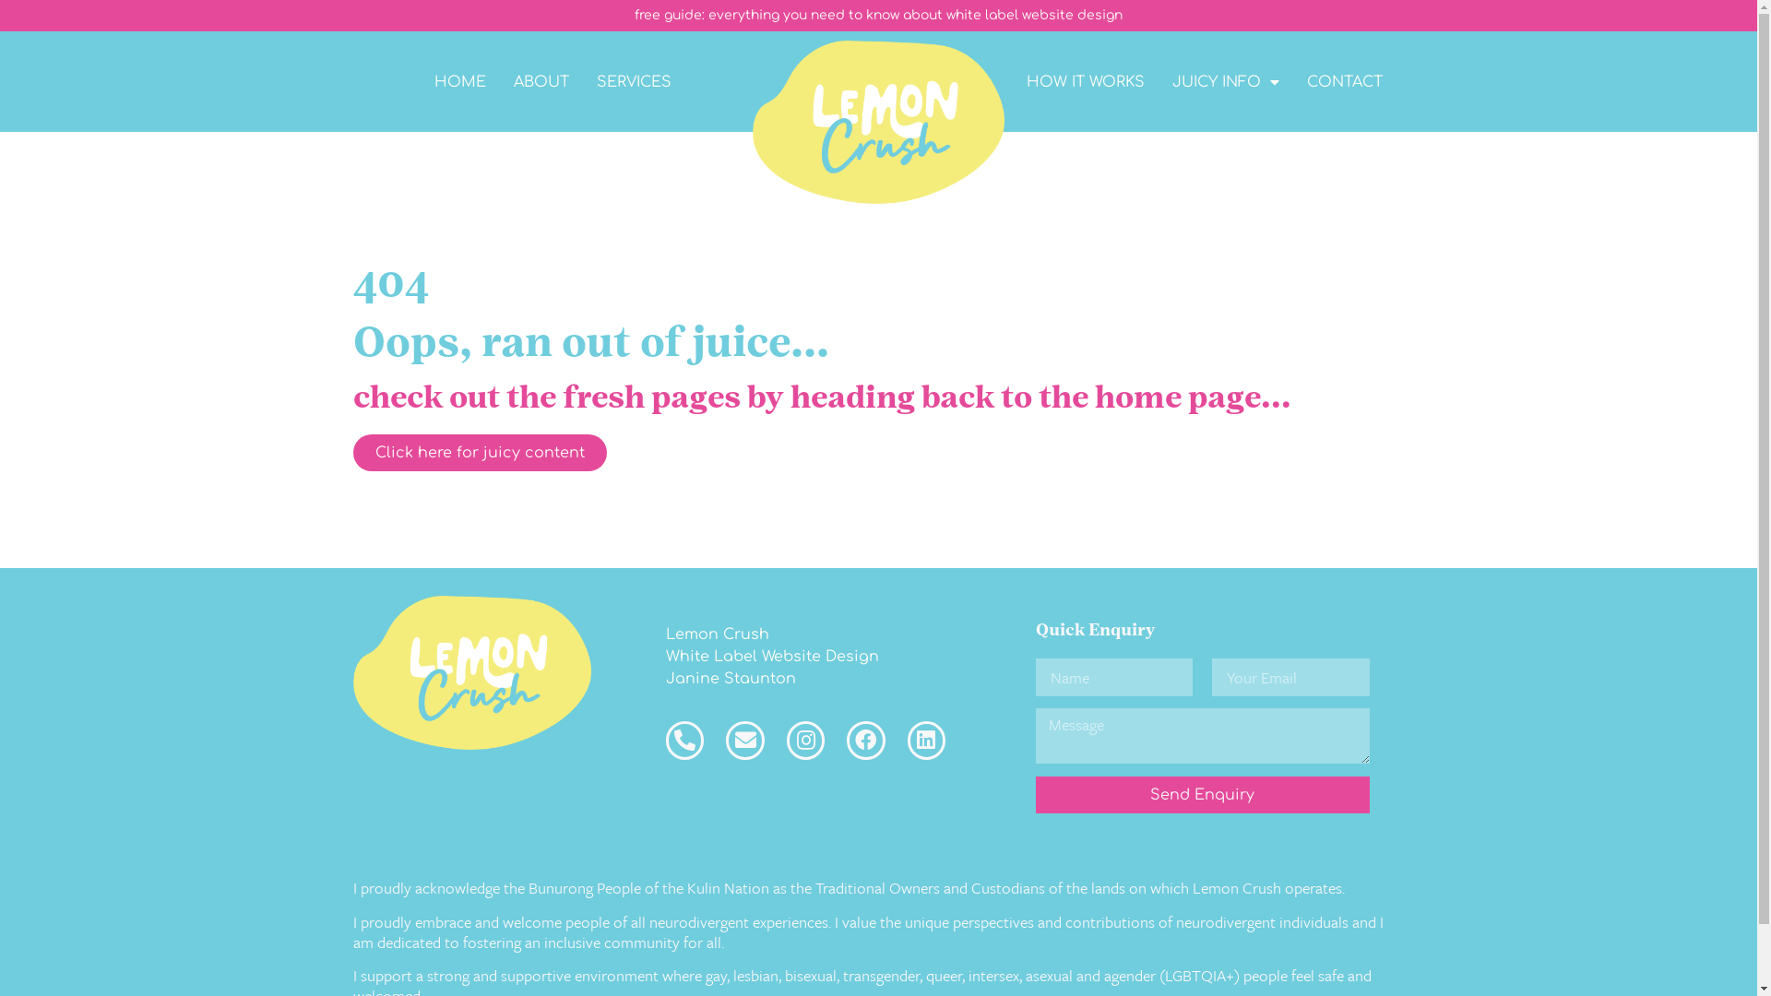 This screenshot has width=1771, height=996. What do you see at coordinates (634, 80) in the screenshot?
I see `'SERVICES'` at bounding box center [634, 80].